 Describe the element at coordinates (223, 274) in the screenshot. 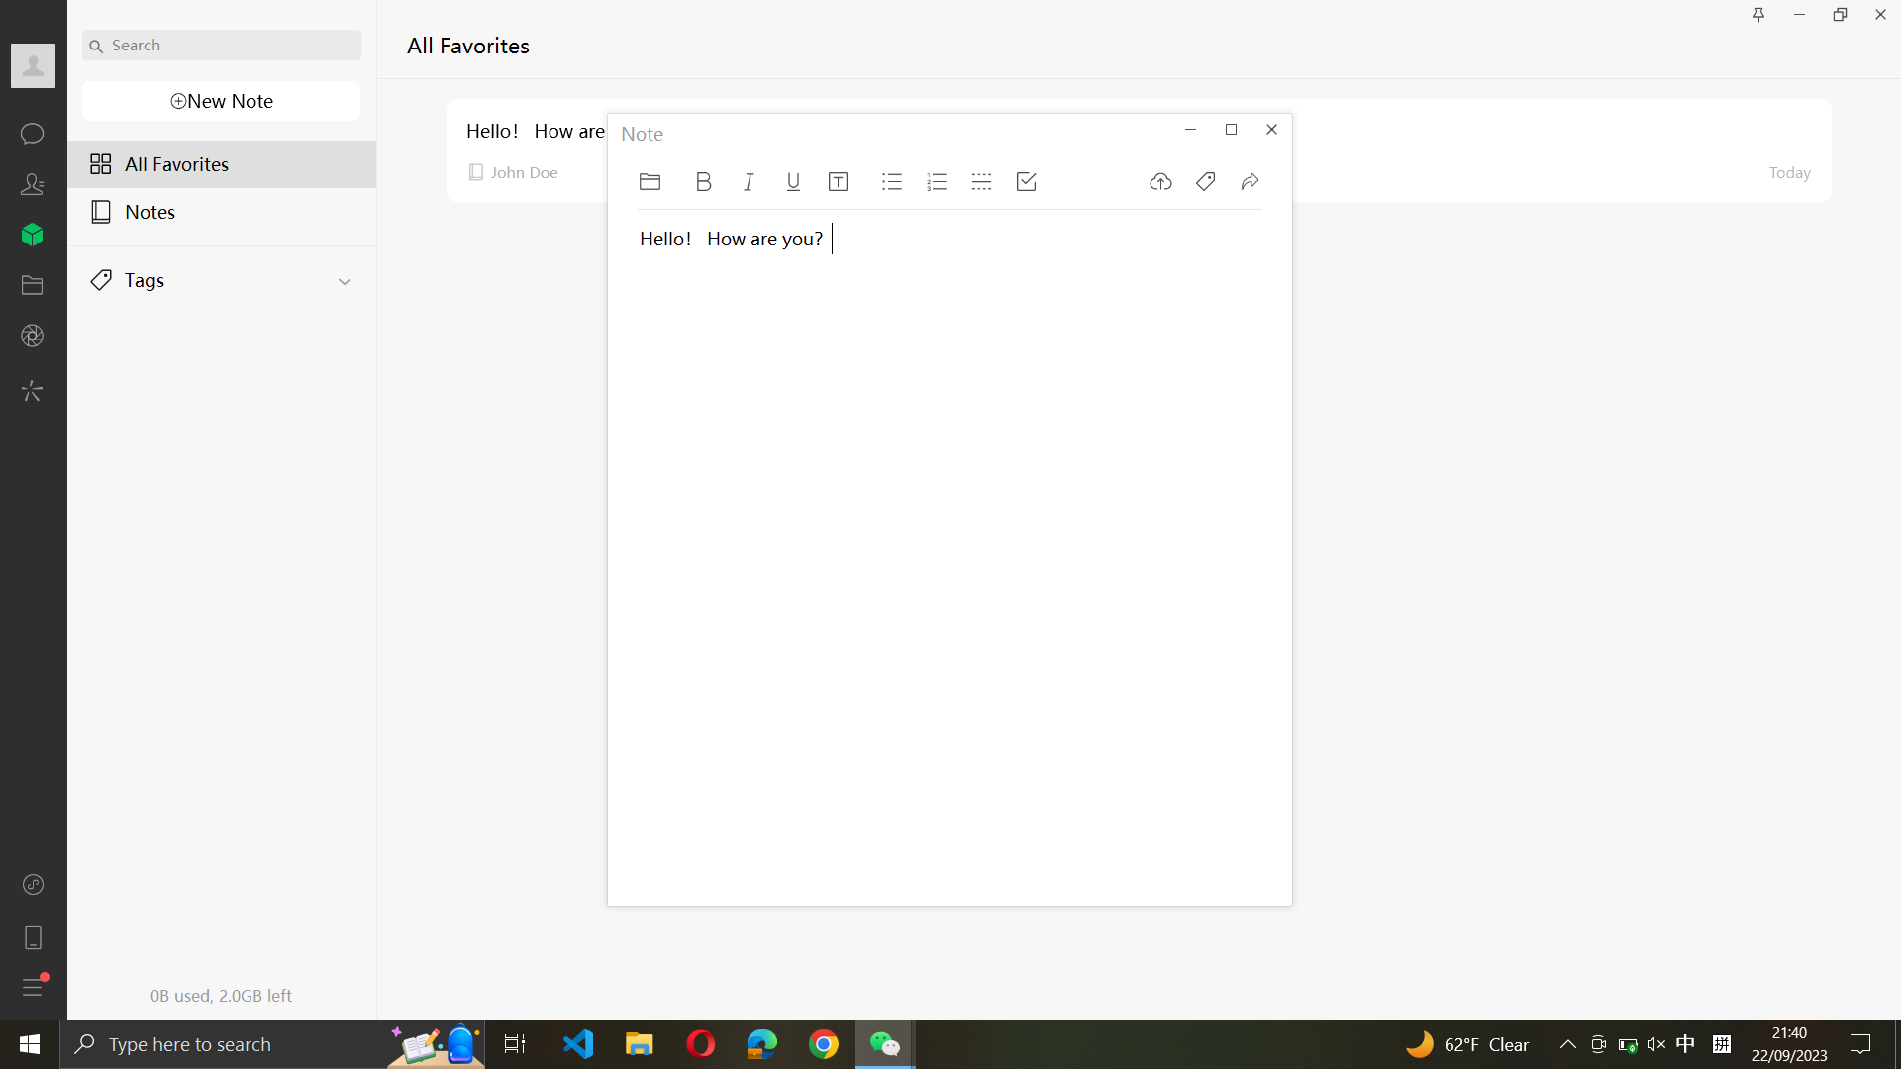

I see `the "expand_tags" button` at that location.